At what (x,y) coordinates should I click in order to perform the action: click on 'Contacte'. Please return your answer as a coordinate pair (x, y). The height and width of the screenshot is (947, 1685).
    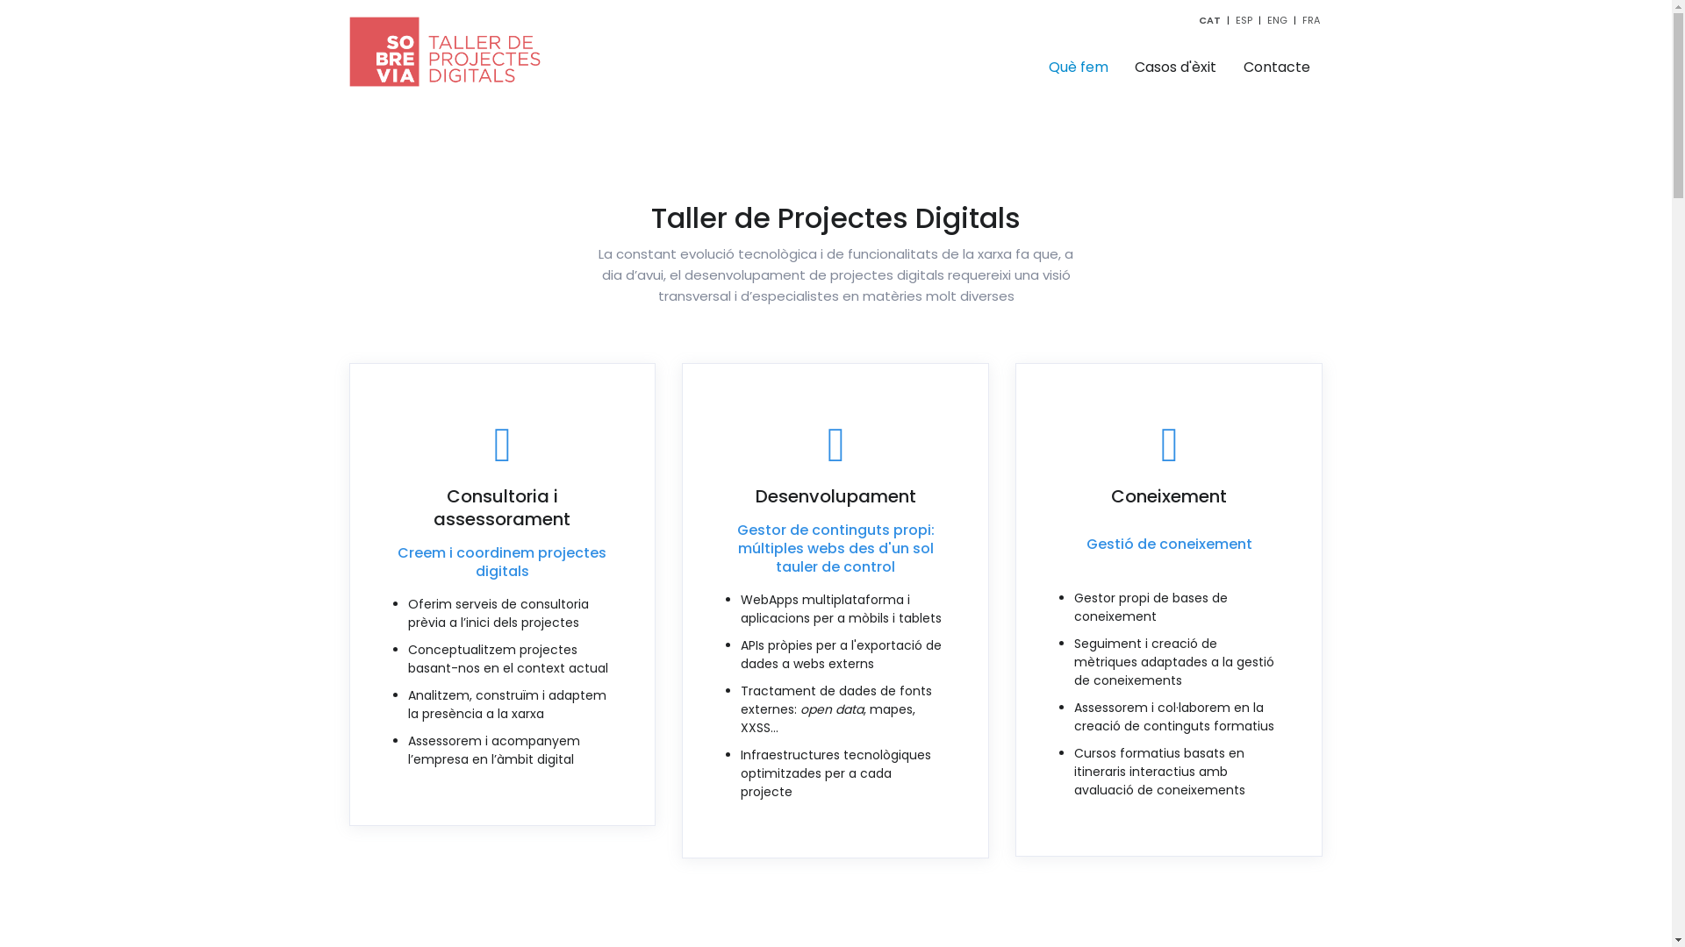
    Looking at the image, I should click on (1277, 66).